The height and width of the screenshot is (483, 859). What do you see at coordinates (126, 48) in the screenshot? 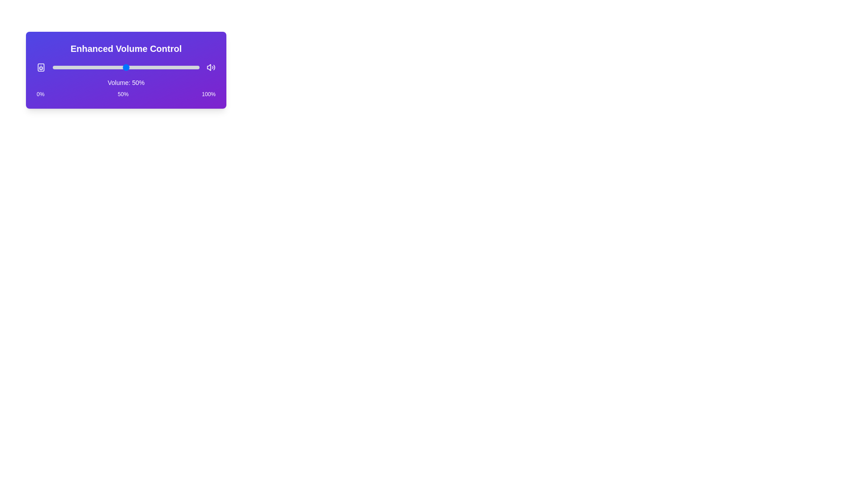
I see `the text 'Enhanced Volume Control' to select it` at bounding box center [126, 48].